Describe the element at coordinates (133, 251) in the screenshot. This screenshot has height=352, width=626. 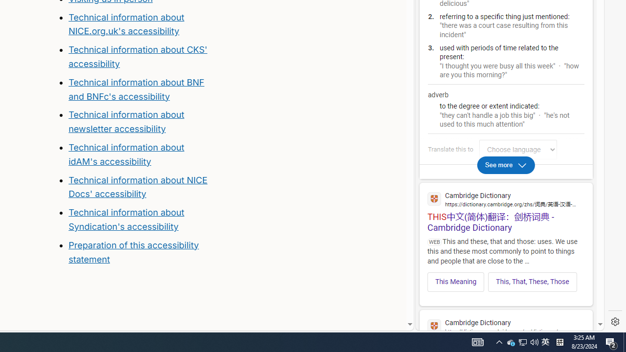
I see `'Preparation of this accessibility statement'` at that location.